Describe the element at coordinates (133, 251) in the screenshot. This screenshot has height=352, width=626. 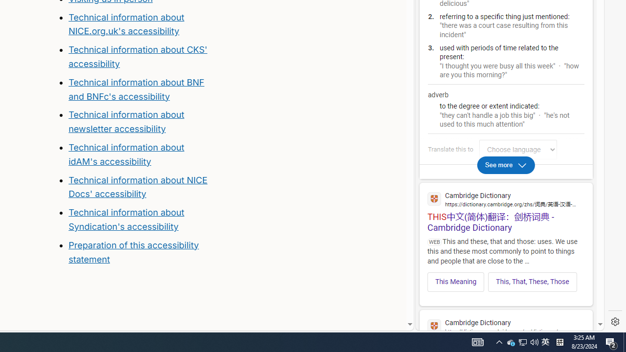
I see `'Preparation of this accessibility statement'` at that location.